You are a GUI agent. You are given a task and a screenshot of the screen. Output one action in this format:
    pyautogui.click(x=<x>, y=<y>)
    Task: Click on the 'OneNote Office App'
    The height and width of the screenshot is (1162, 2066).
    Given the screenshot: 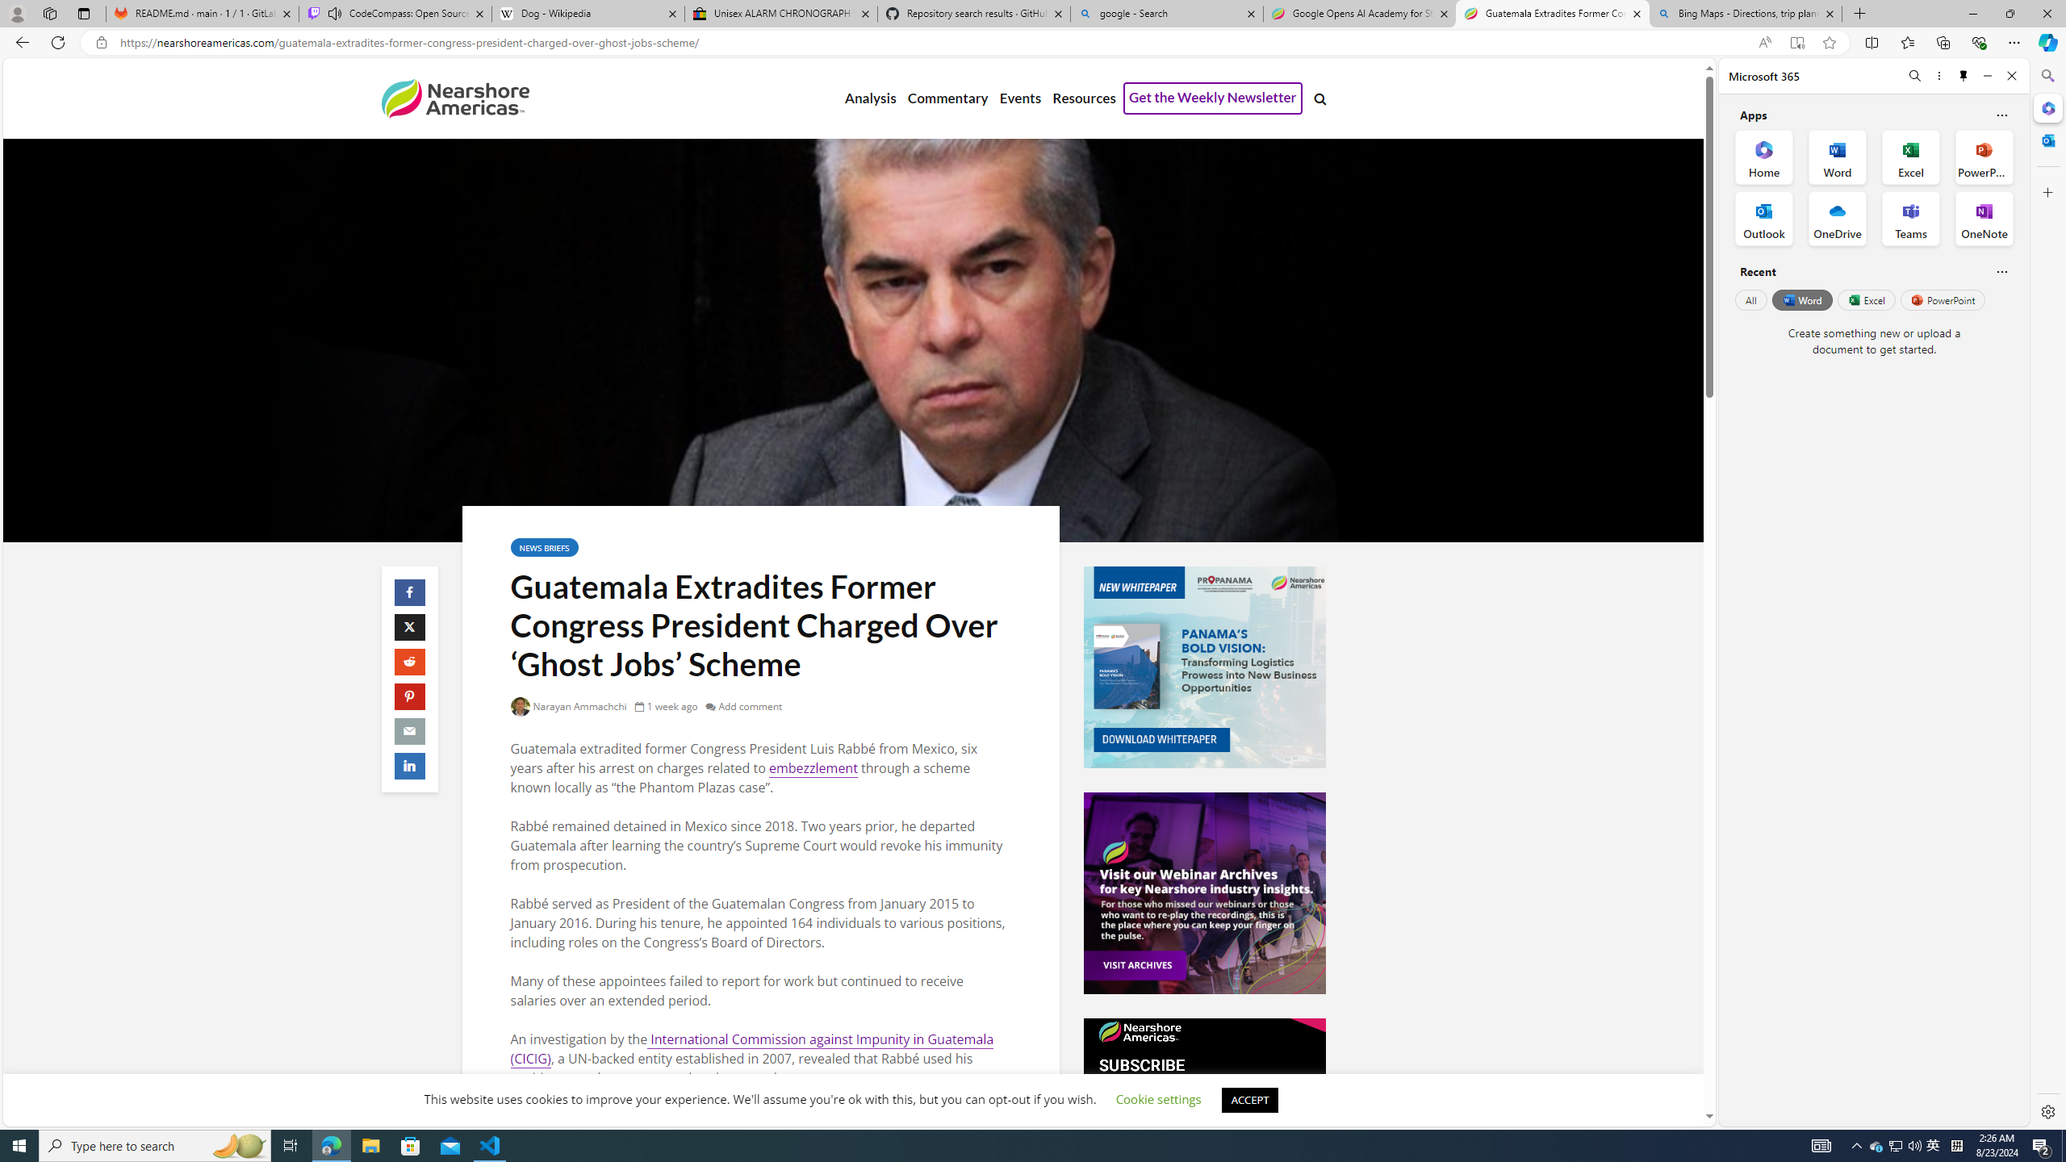 What is the action you would take?
    pyautogui.click(x=1984, y=219)
    